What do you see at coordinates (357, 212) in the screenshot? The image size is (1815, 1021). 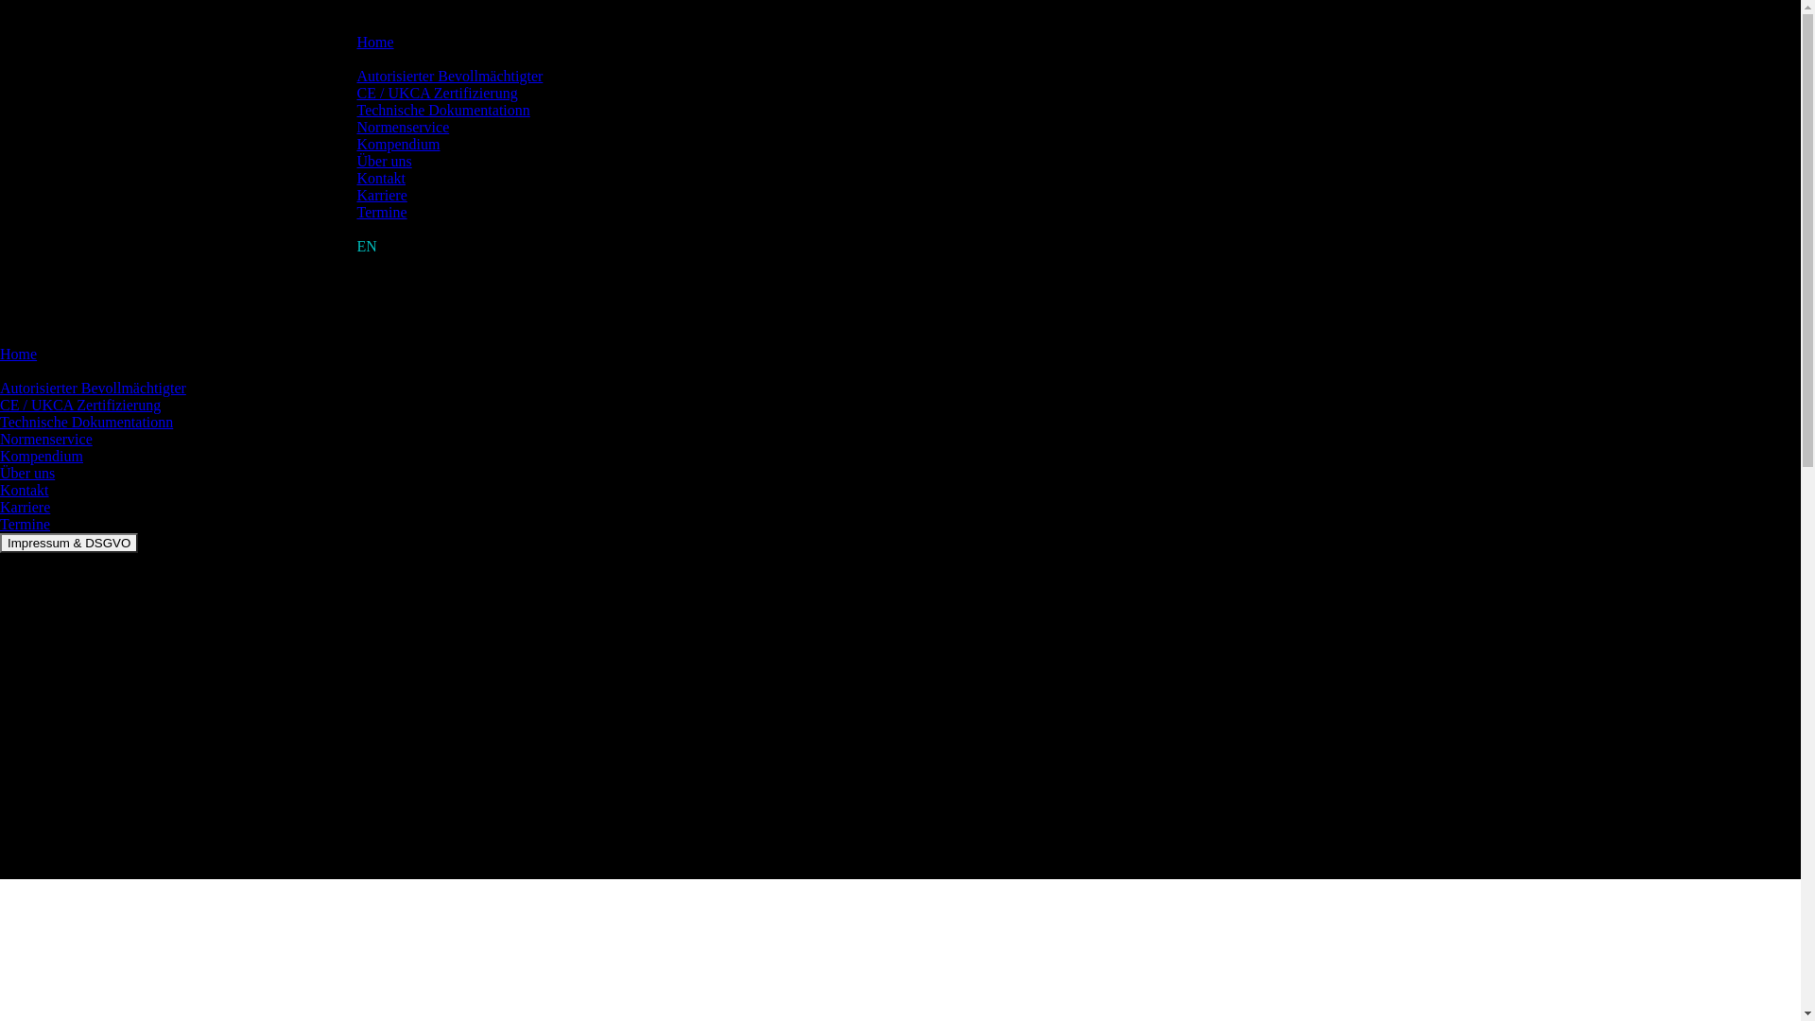 I see `'Termine'` at bounding box center [357, 212].